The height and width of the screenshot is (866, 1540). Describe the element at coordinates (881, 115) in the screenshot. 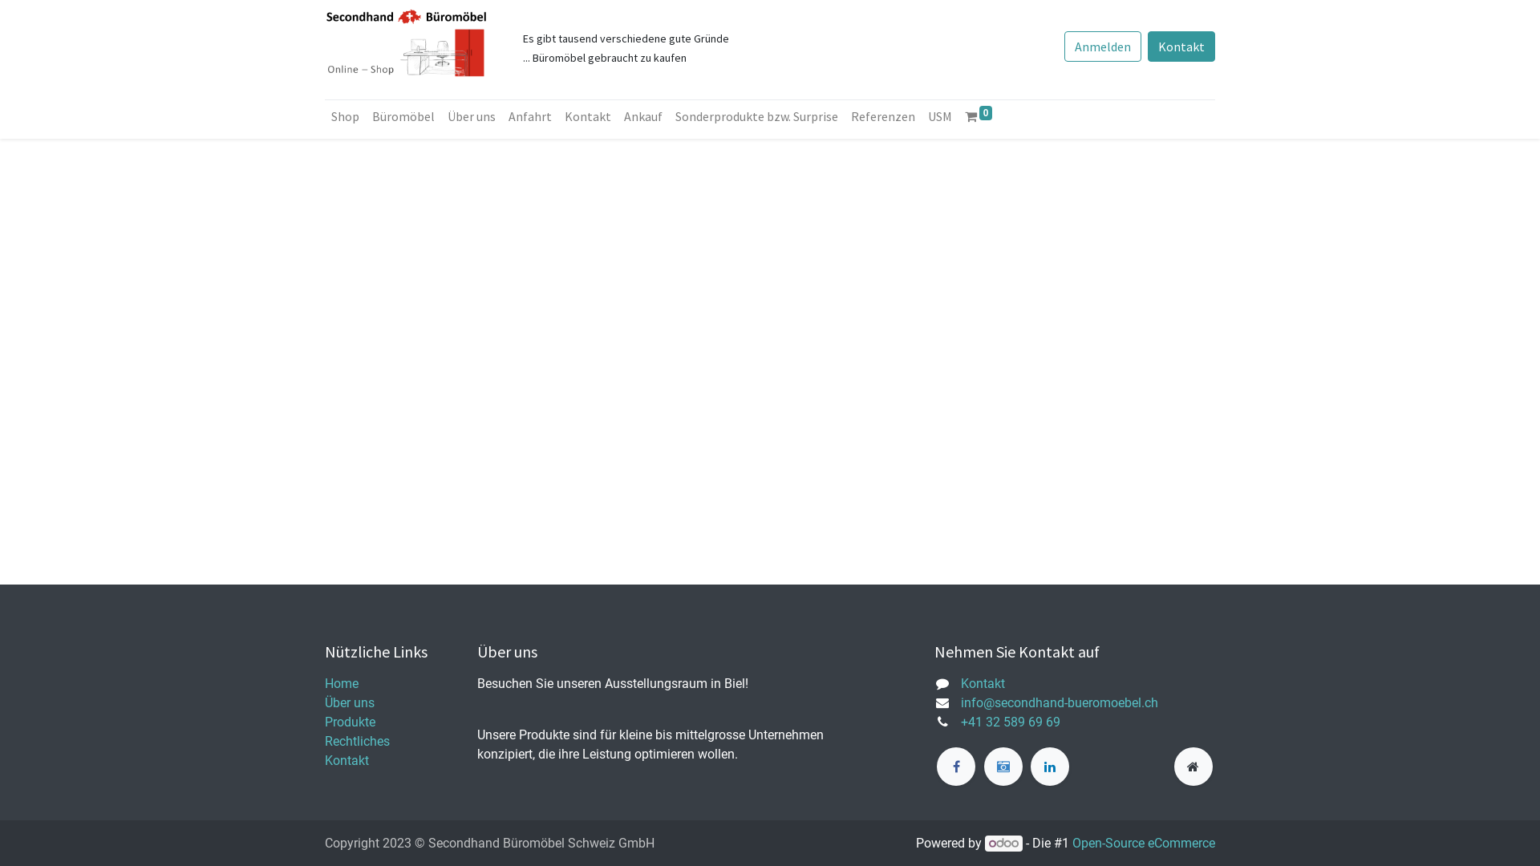

I see `'Referenzen'` at that location.